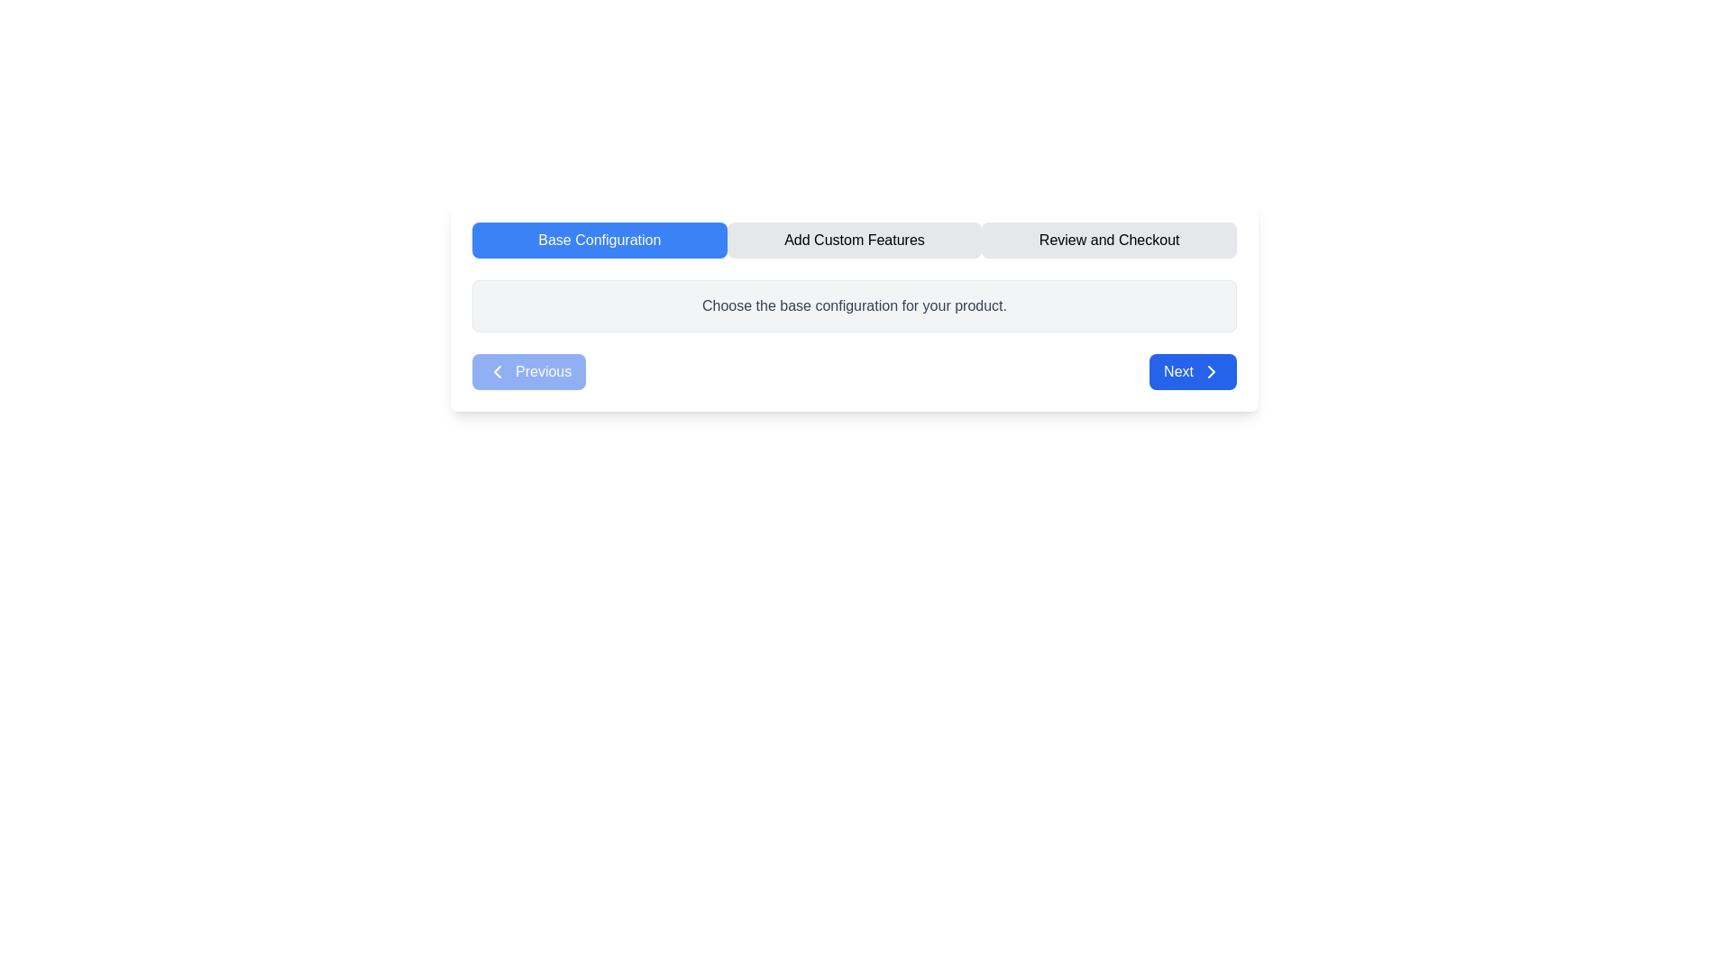 This screenshot has width=1731, height=973. I want to click on the blue rectangular button labeled 'Base Configuration', so click(600, 239).